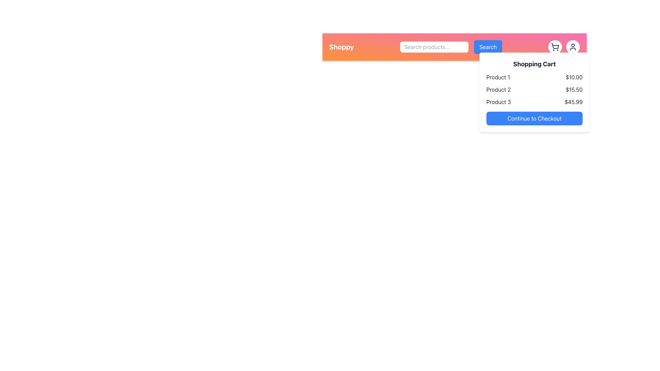  What do you see at coordinates (573, 102) in the screenshot?
I see `the price label displaying '$45.99' for 'Product 3' in the shopping cart summary` at bounding box center [573, 102].